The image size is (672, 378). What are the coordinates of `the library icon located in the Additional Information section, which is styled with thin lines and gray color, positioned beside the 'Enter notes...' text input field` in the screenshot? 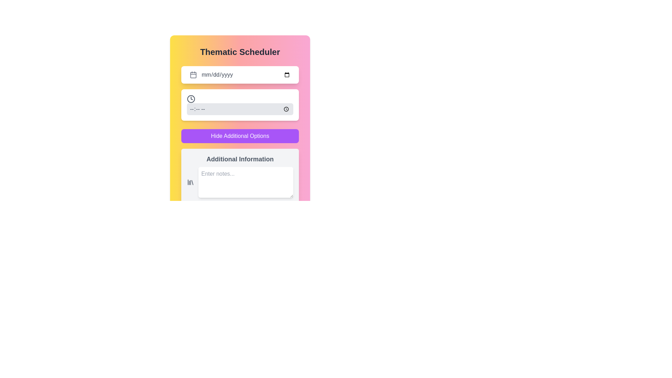 It's located at (190, 182).